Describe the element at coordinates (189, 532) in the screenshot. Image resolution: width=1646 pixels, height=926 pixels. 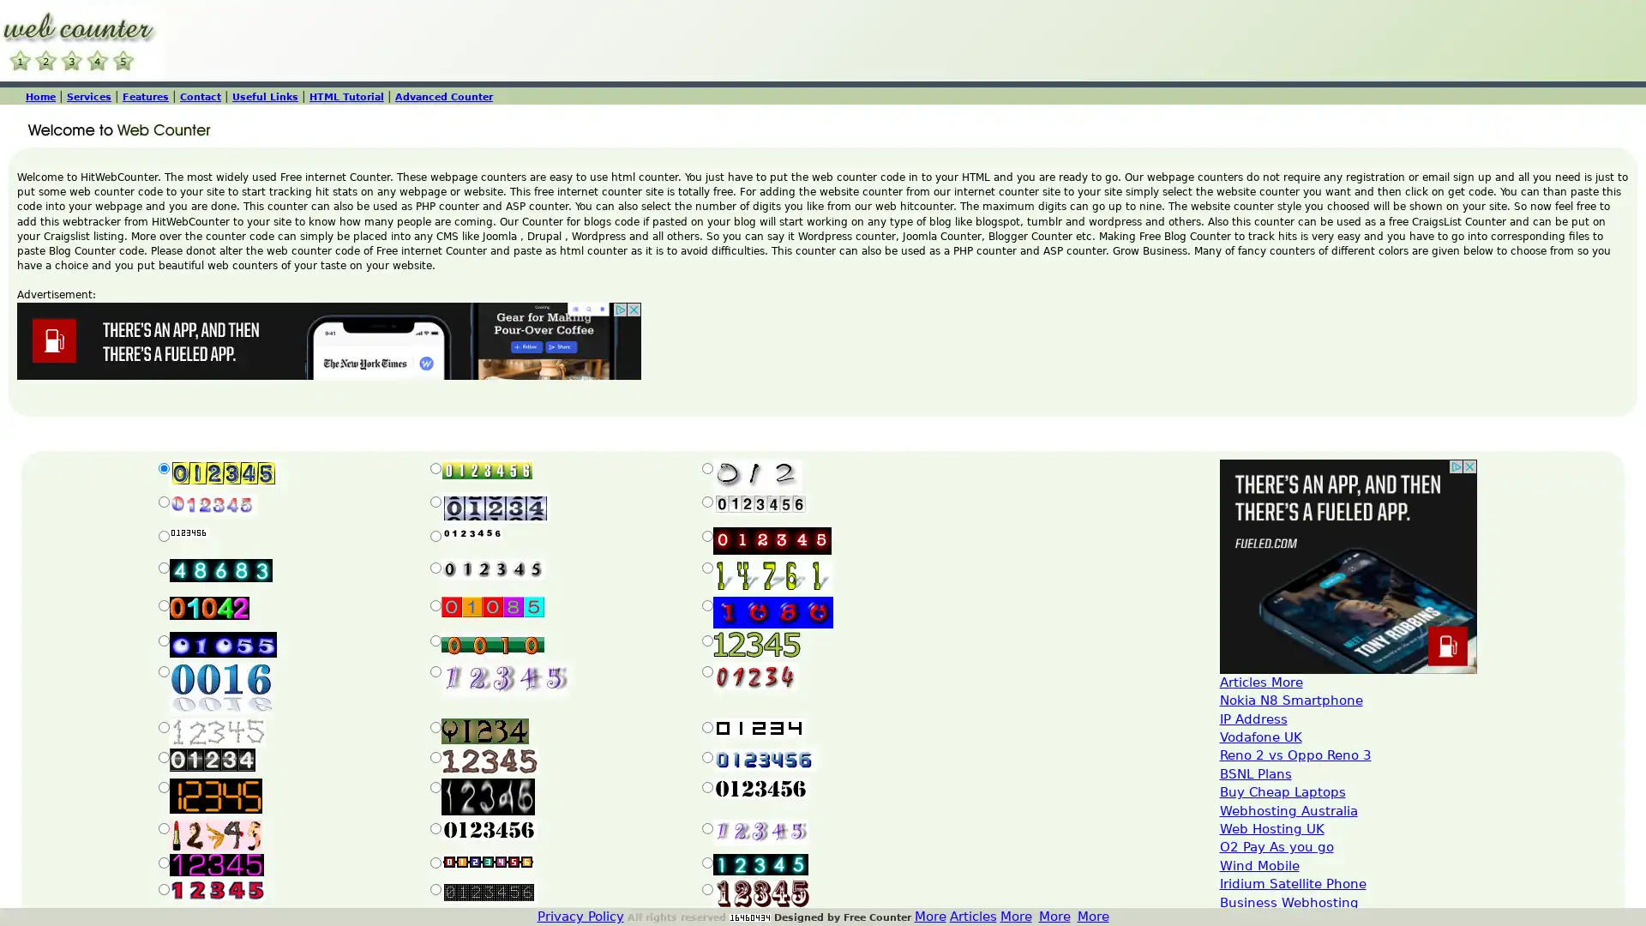
I see `Submit` at that location.